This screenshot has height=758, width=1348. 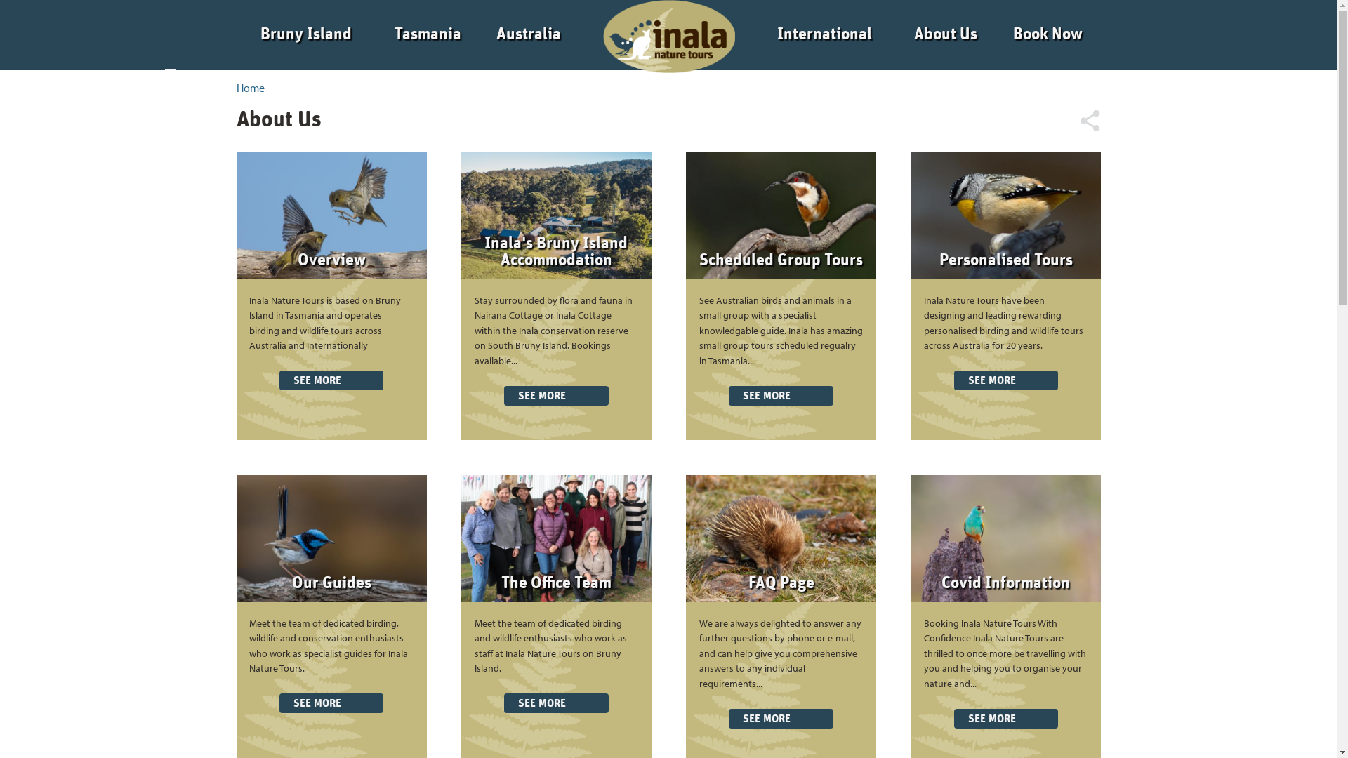 What do you see at coordinates (781, 583) in the screenshot?
I see `'FAQ Page'` at bounding box center [781, 583].